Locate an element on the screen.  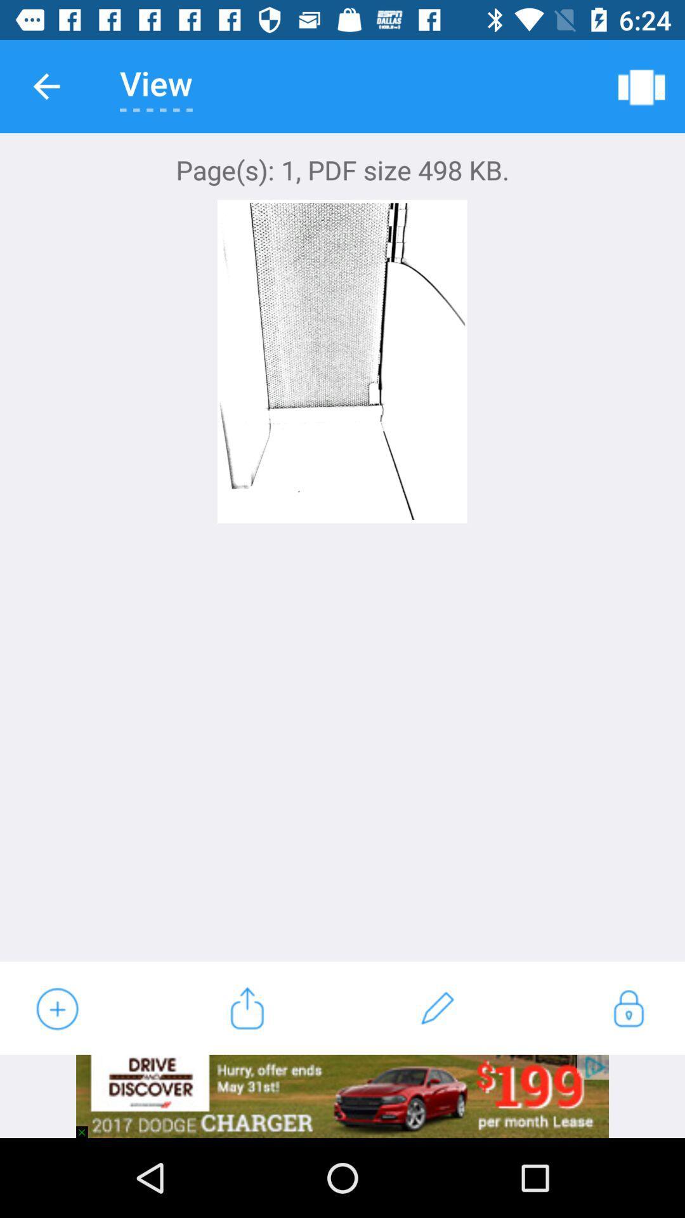
the edit icon is located at coordinates (437, 1007).